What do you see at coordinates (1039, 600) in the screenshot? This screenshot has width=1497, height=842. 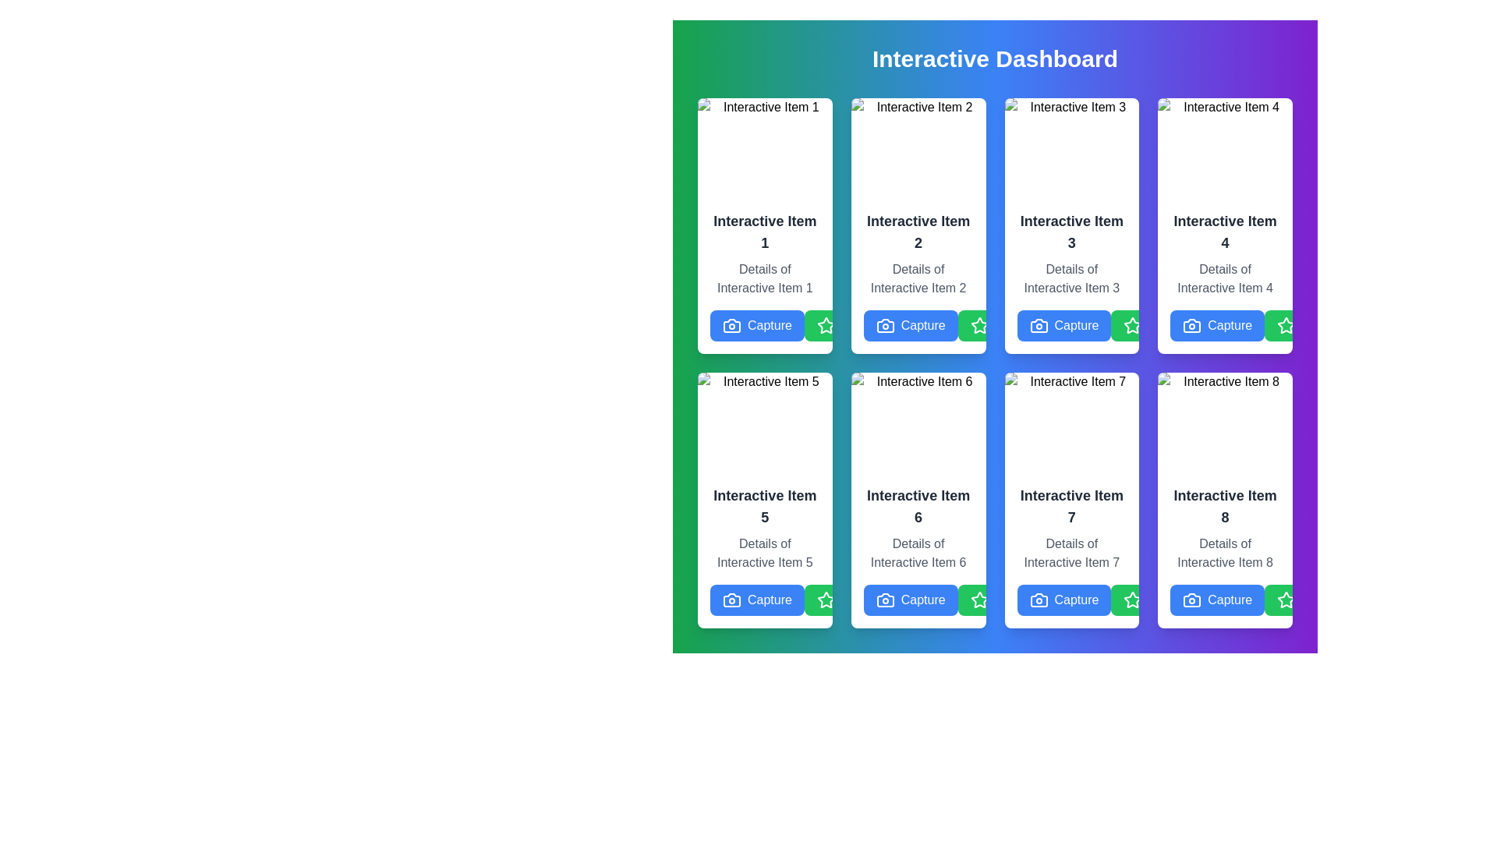 I see `the camera icon within the 'Capture' button located under the 'Interactive Item 7' card to initiate the capture function` at bounding box center [1039, 600].